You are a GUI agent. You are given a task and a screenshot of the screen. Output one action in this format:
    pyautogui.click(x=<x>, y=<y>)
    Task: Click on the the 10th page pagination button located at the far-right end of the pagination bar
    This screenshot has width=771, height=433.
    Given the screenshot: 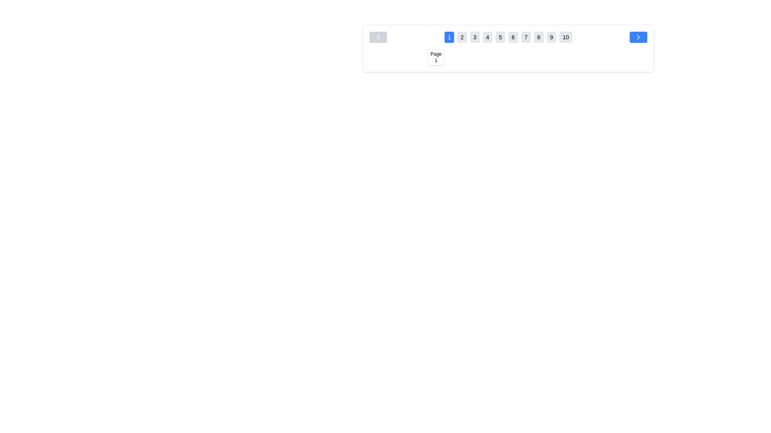 What is the action you would take?
    pyautogui.click(x=580, y=57)
    